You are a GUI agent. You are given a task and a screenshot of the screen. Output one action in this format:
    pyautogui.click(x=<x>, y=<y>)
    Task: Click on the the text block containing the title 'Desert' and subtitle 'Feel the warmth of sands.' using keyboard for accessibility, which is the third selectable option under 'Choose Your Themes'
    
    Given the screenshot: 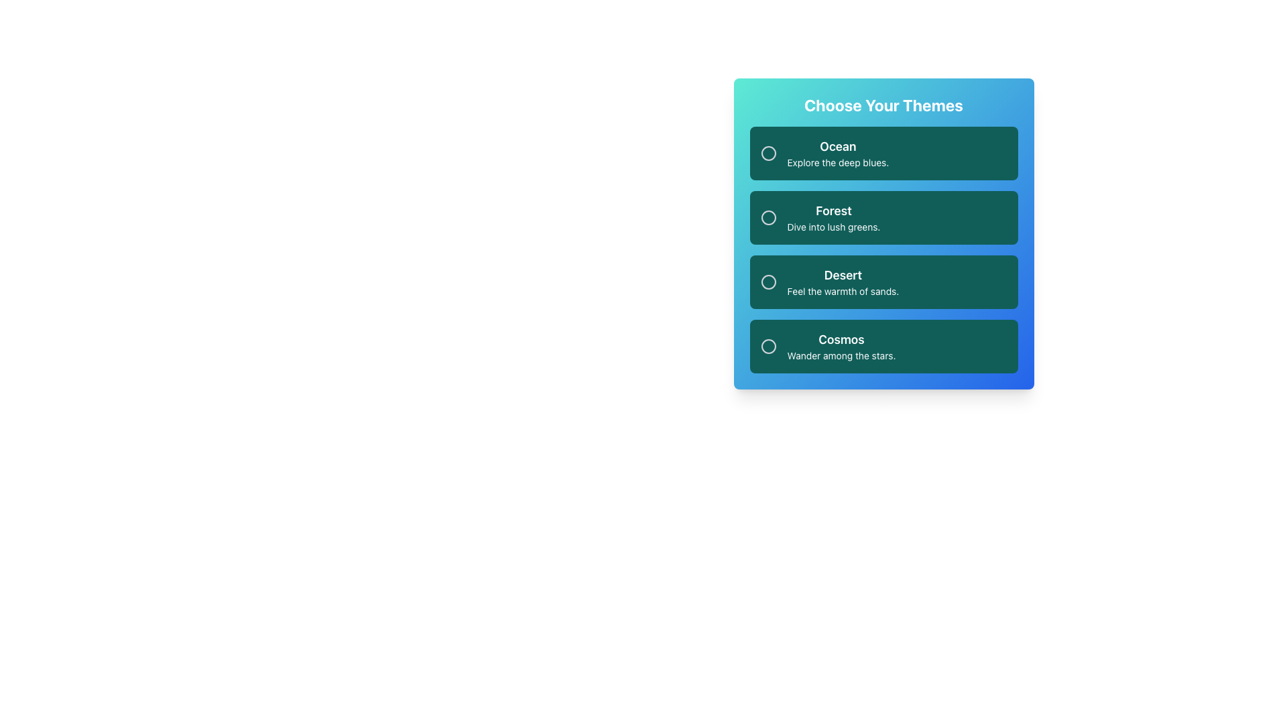 What is the action you would take?
    pyautogui.click(x=842, y=281)
    